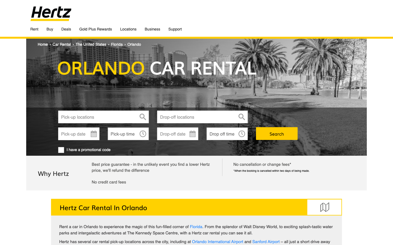 Image resolution: width=393 pixels, height=245 pixels. Describe the element at coordinates (266, 241) in the screenshot. I see `the SanfordAirport page` at that location.